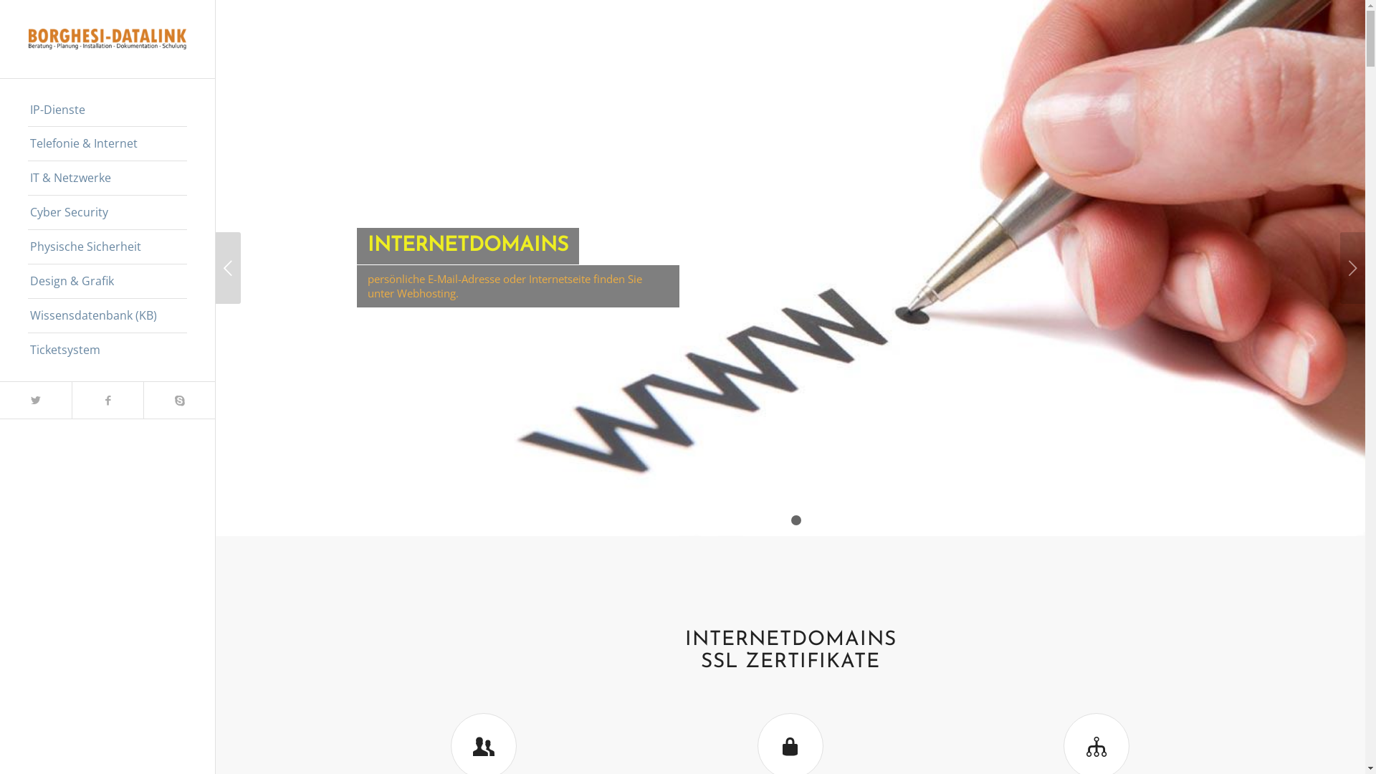 Image resolution: width=1376 pixels, height=774 pixels. Describe the element at coordinates (106, 110) in the screenshot. I see `'IP-Dienste'` at that location.